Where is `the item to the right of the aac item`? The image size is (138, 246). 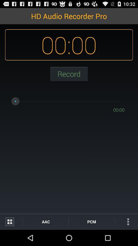
the item to the right of the aac item is located at coordinates (91, 221).